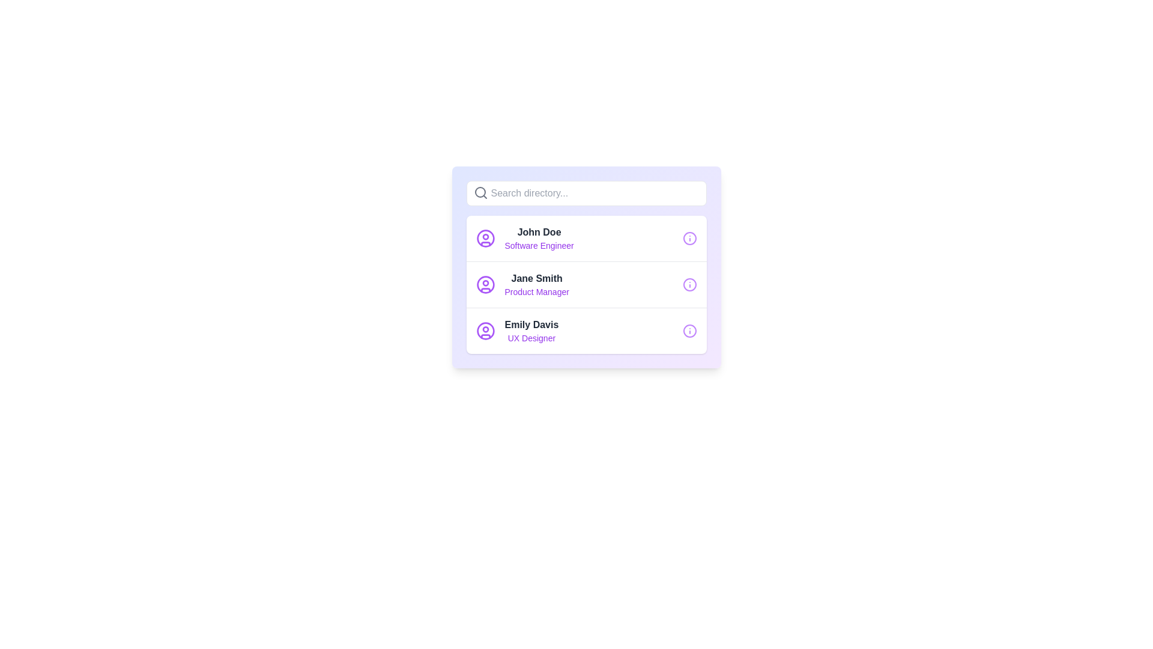  Describe the element at coordinates (531, 331) in the screenshot. I see `the Text label displaying the user's name and role, which is the third item in a list, located between 'Jane Smith' and the next entry, with an avatar icon to its left and an 'info' icon to its right` at that location.